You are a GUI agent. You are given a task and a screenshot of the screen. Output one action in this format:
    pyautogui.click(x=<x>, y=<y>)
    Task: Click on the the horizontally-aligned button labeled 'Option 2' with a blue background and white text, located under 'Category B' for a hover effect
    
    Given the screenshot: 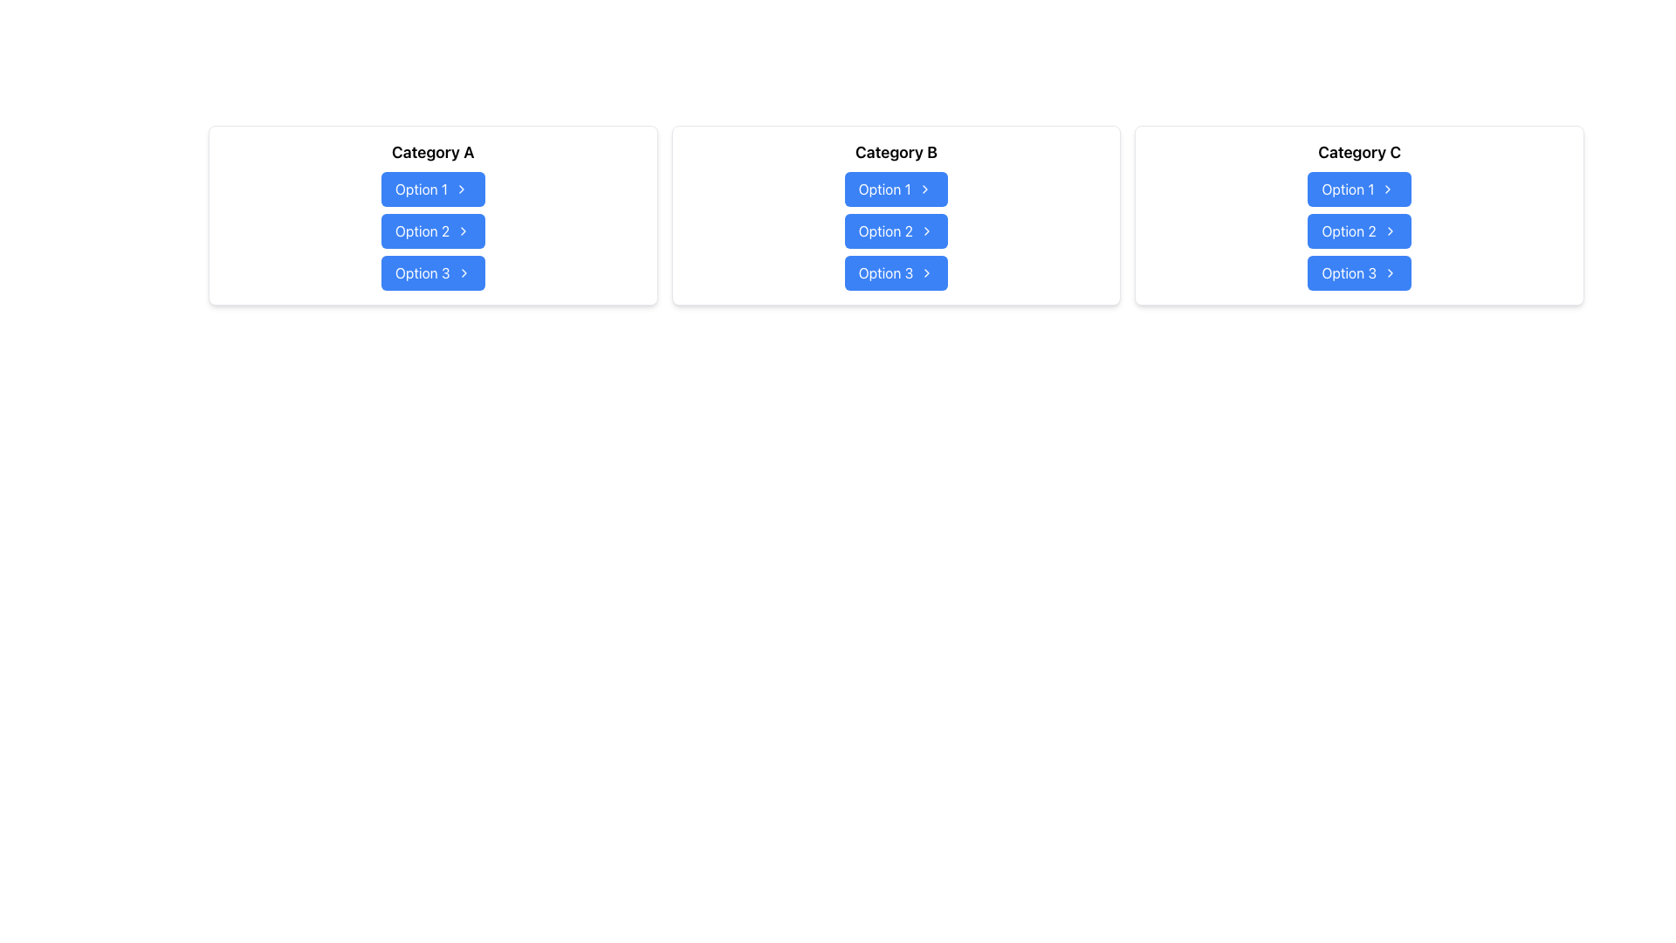 What is the action you would take?
    pyautogui.click(x=896, y=231)
    